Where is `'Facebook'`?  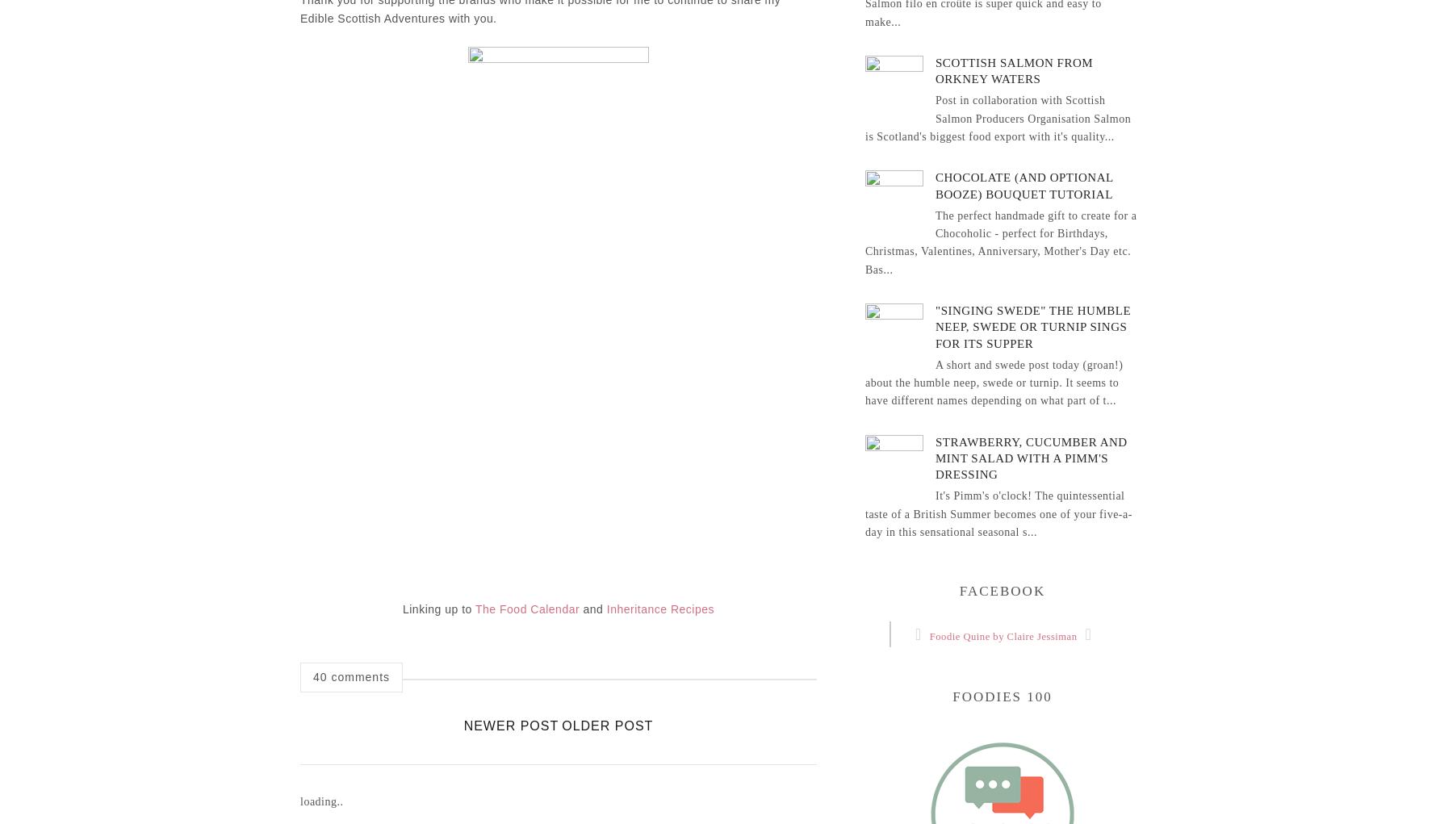
'Facebook' is located at coordinates (1001, 590).